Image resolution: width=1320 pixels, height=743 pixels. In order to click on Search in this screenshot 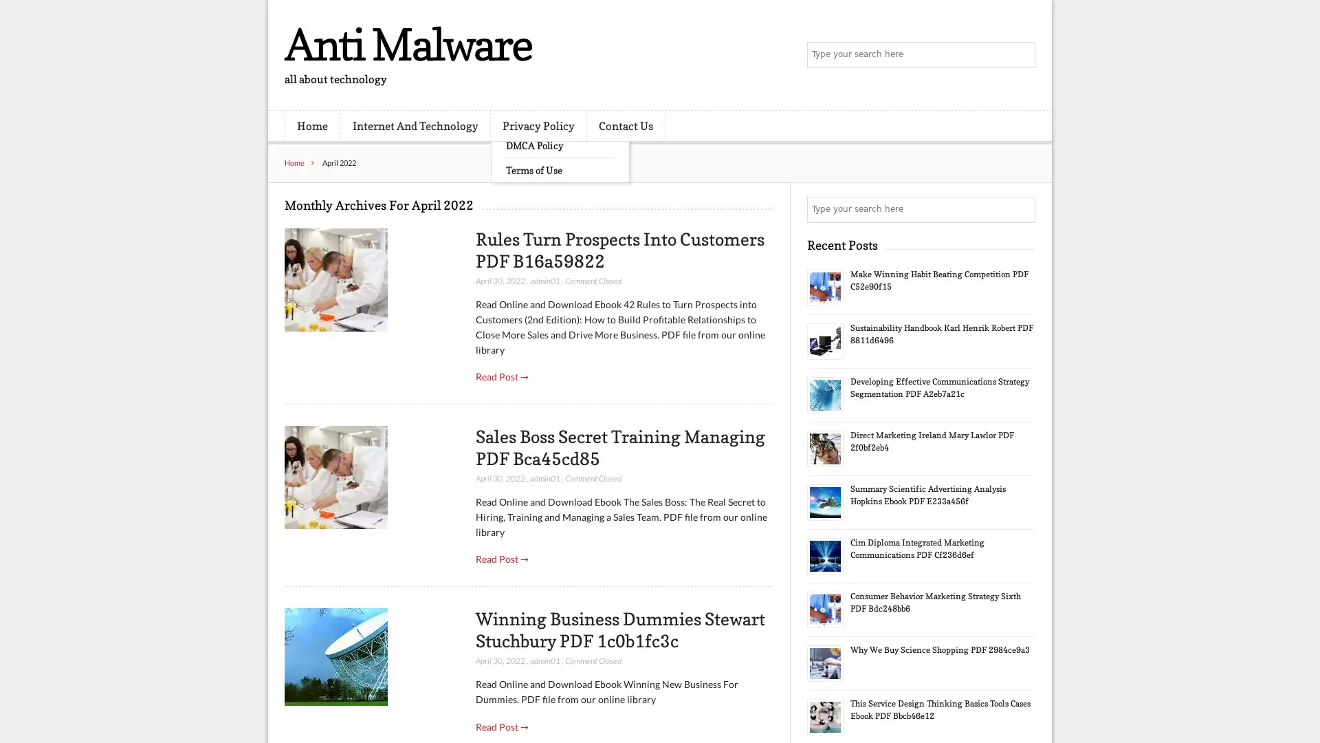, I will do `click(1021, 209)`.